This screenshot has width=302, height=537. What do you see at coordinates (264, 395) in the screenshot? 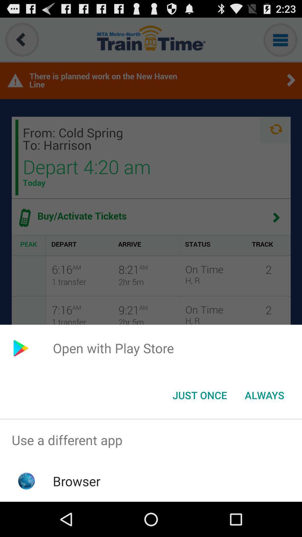
I see `the button next to the just once item` at bounding box center [264, 395].